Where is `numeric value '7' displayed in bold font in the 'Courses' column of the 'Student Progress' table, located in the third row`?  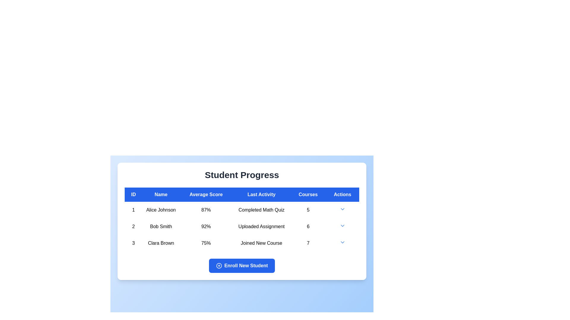 numeric value '7' displayed in bold font in the 'Courses' column of the 'Student Progress' table, located in the third row is located at coordinates (308, 243).